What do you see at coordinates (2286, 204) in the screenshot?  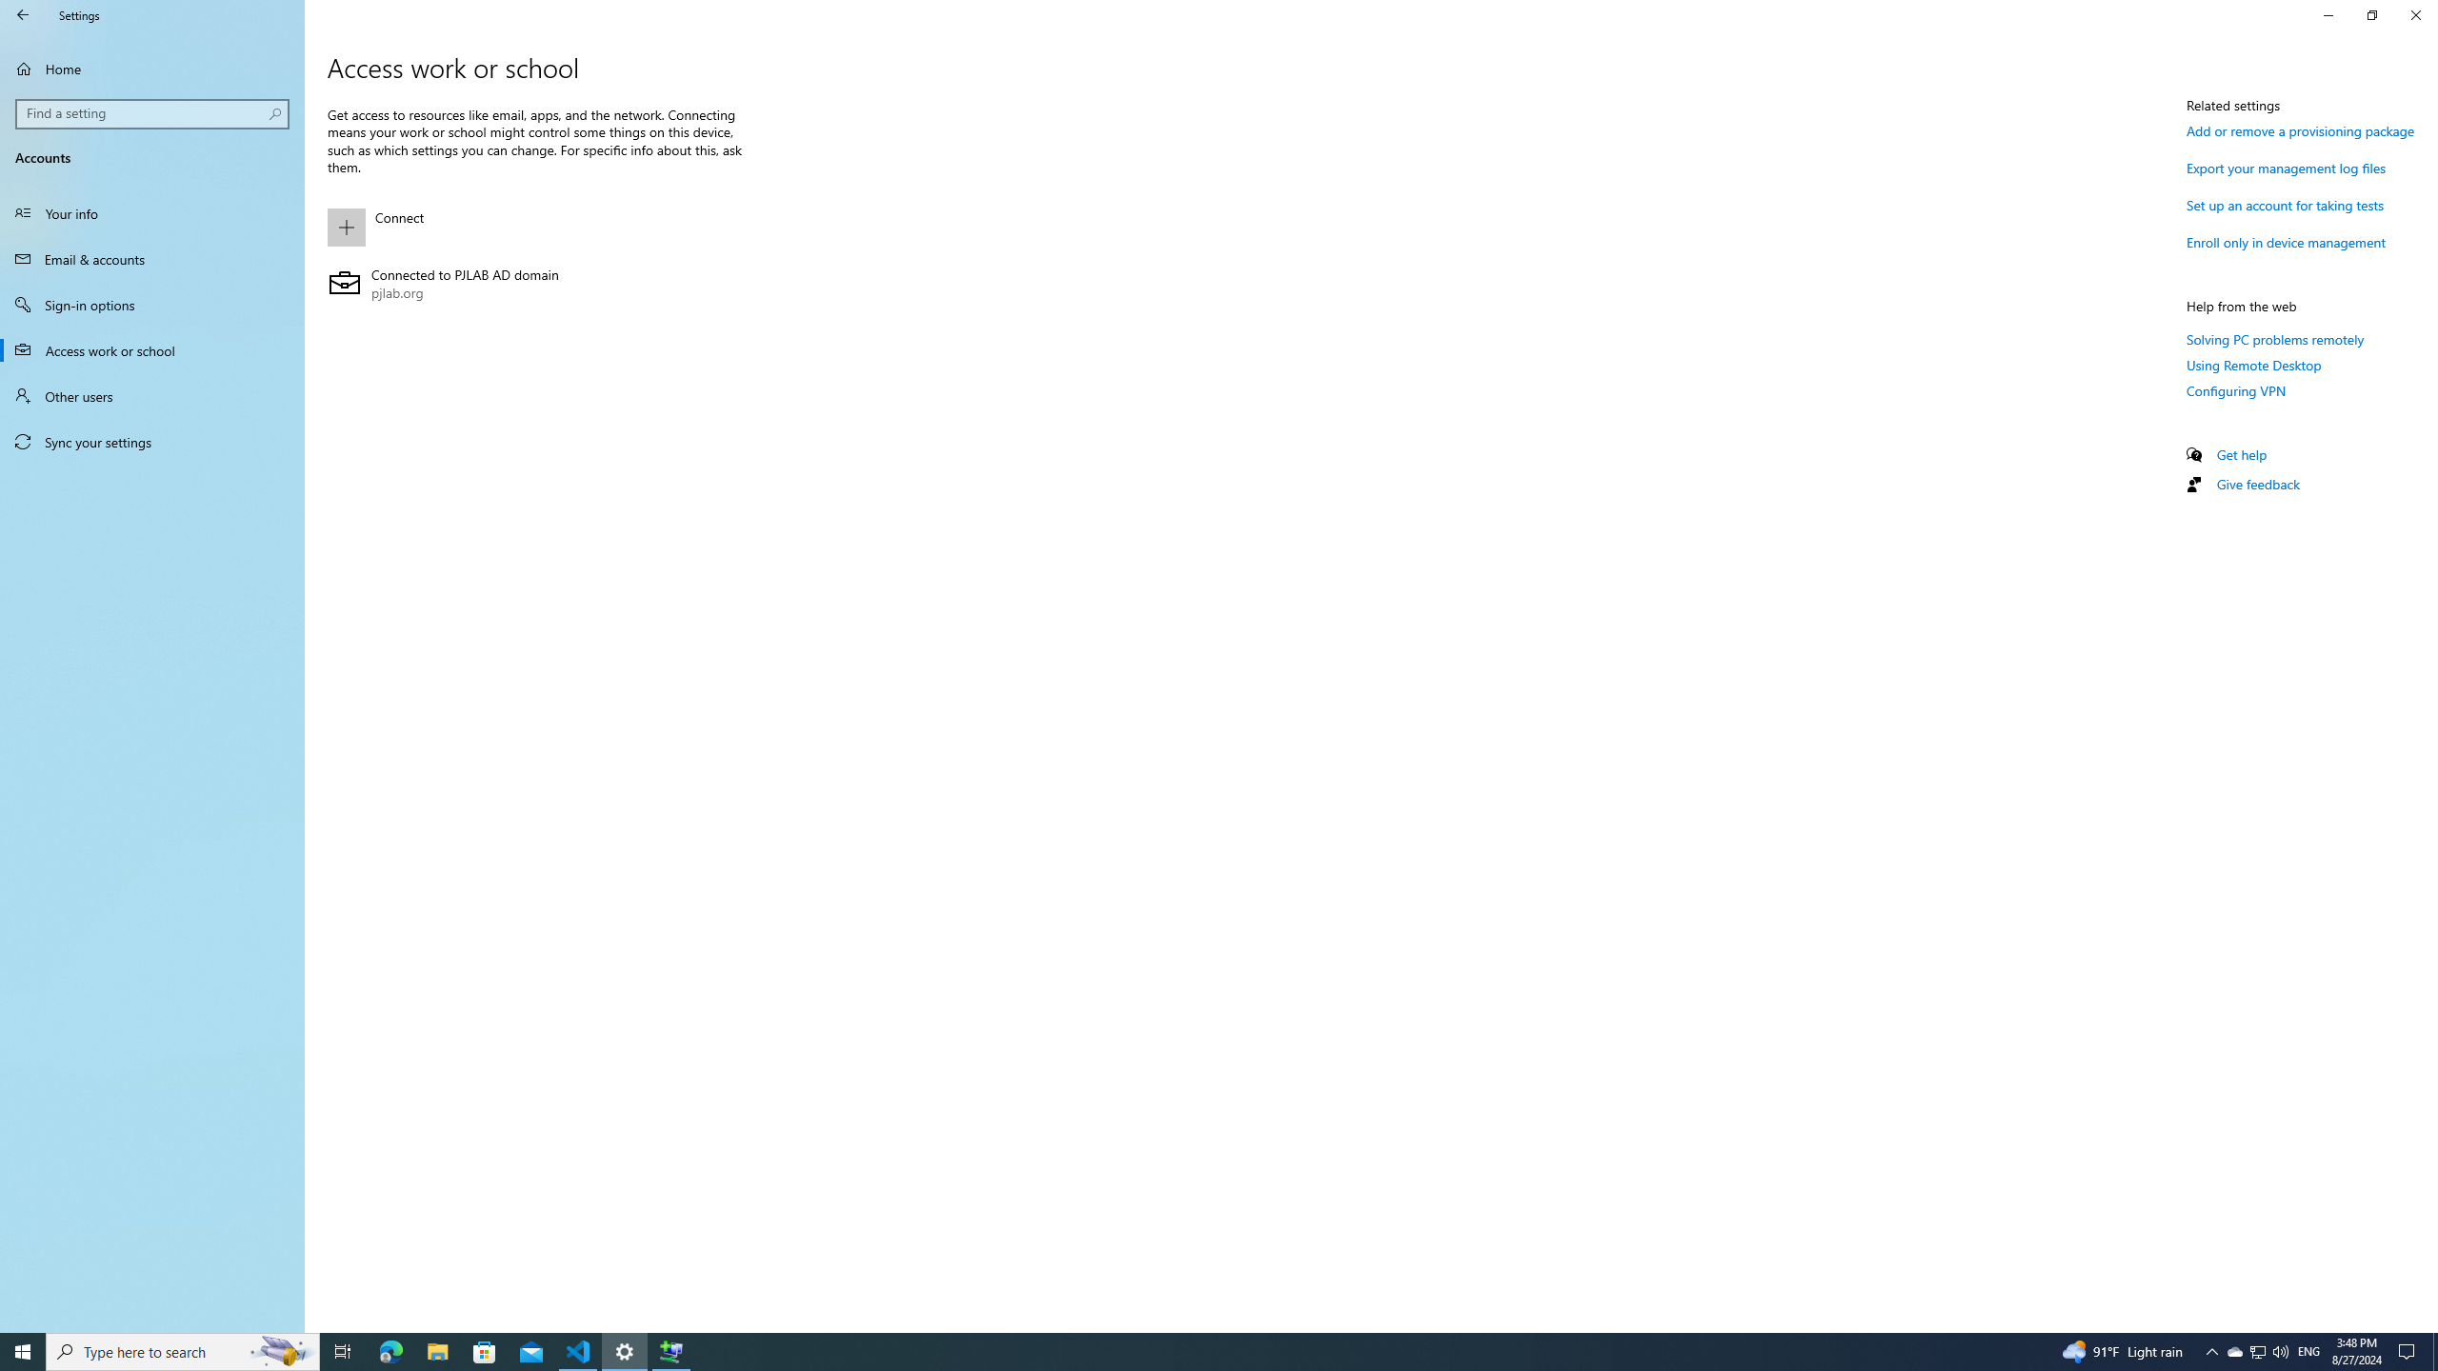 I see `'Set up an account for taking tests'` at bounding box center [2286, 204].